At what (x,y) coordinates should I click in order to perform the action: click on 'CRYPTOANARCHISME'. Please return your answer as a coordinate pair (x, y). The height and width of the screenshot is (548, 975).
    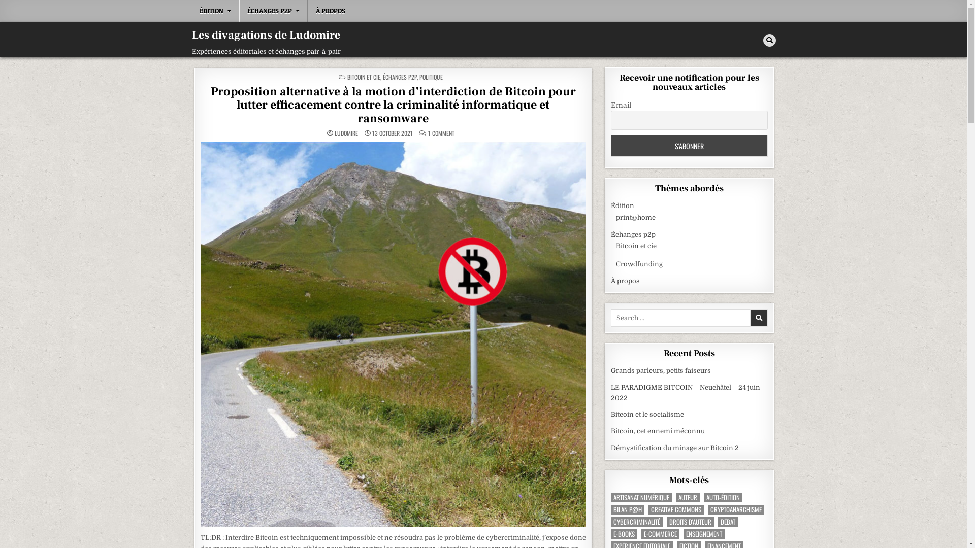
    Looking at the image, I should click on (736, 509).